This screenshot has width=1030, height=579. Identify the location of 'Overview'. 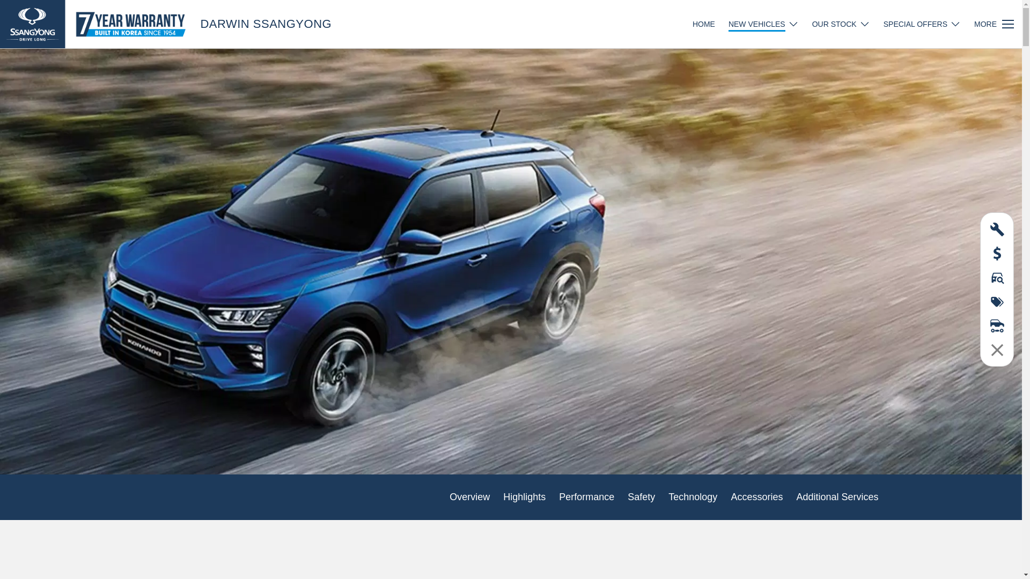
(450, 498).